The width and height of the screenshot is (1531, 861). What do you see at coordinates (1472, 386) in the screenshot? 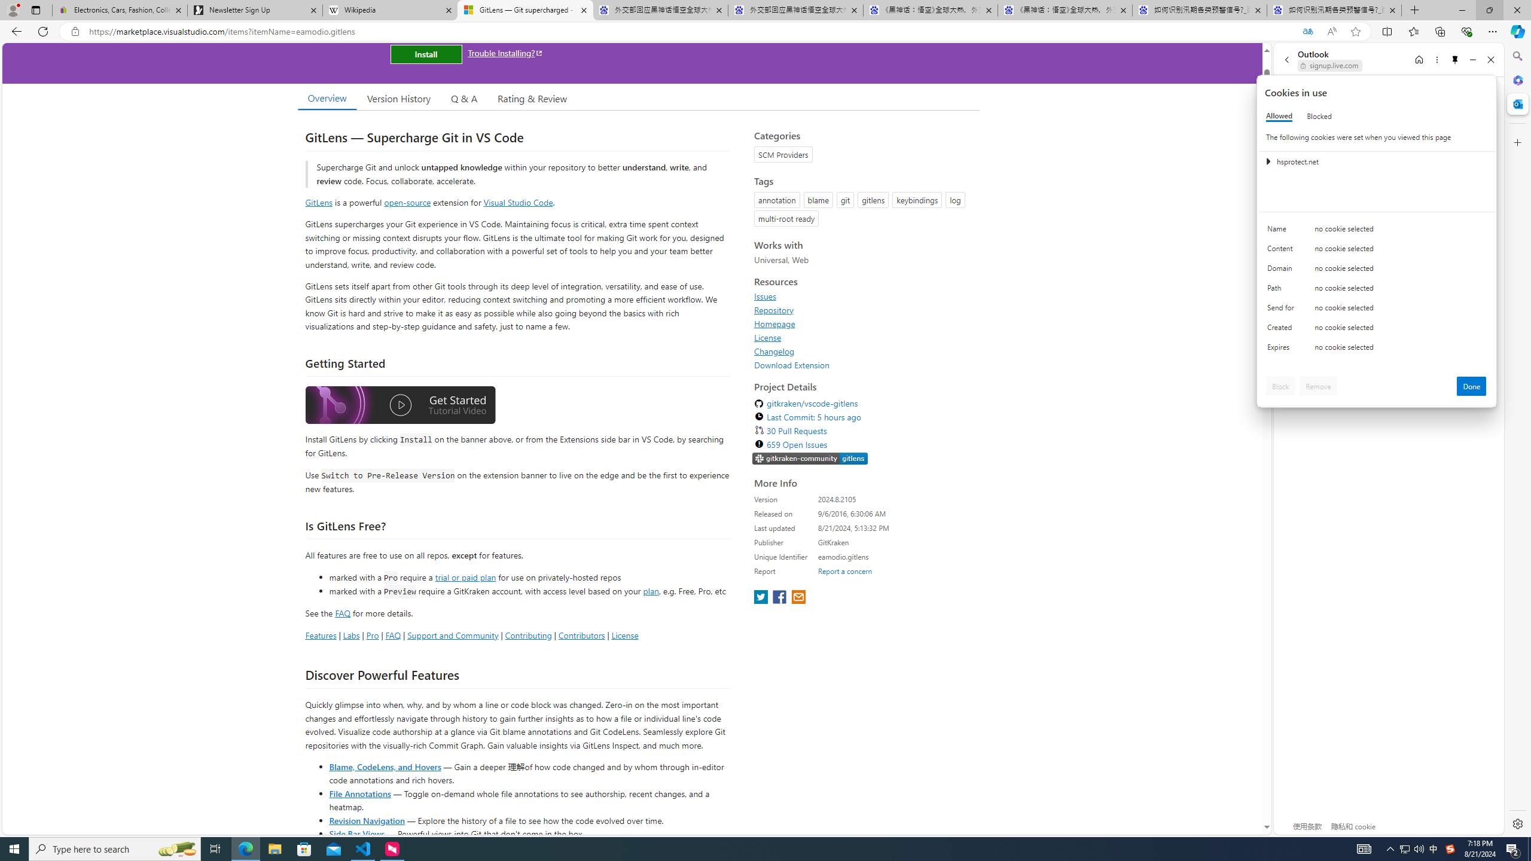
I see `'Done'` at bounding box center [1472, 386].